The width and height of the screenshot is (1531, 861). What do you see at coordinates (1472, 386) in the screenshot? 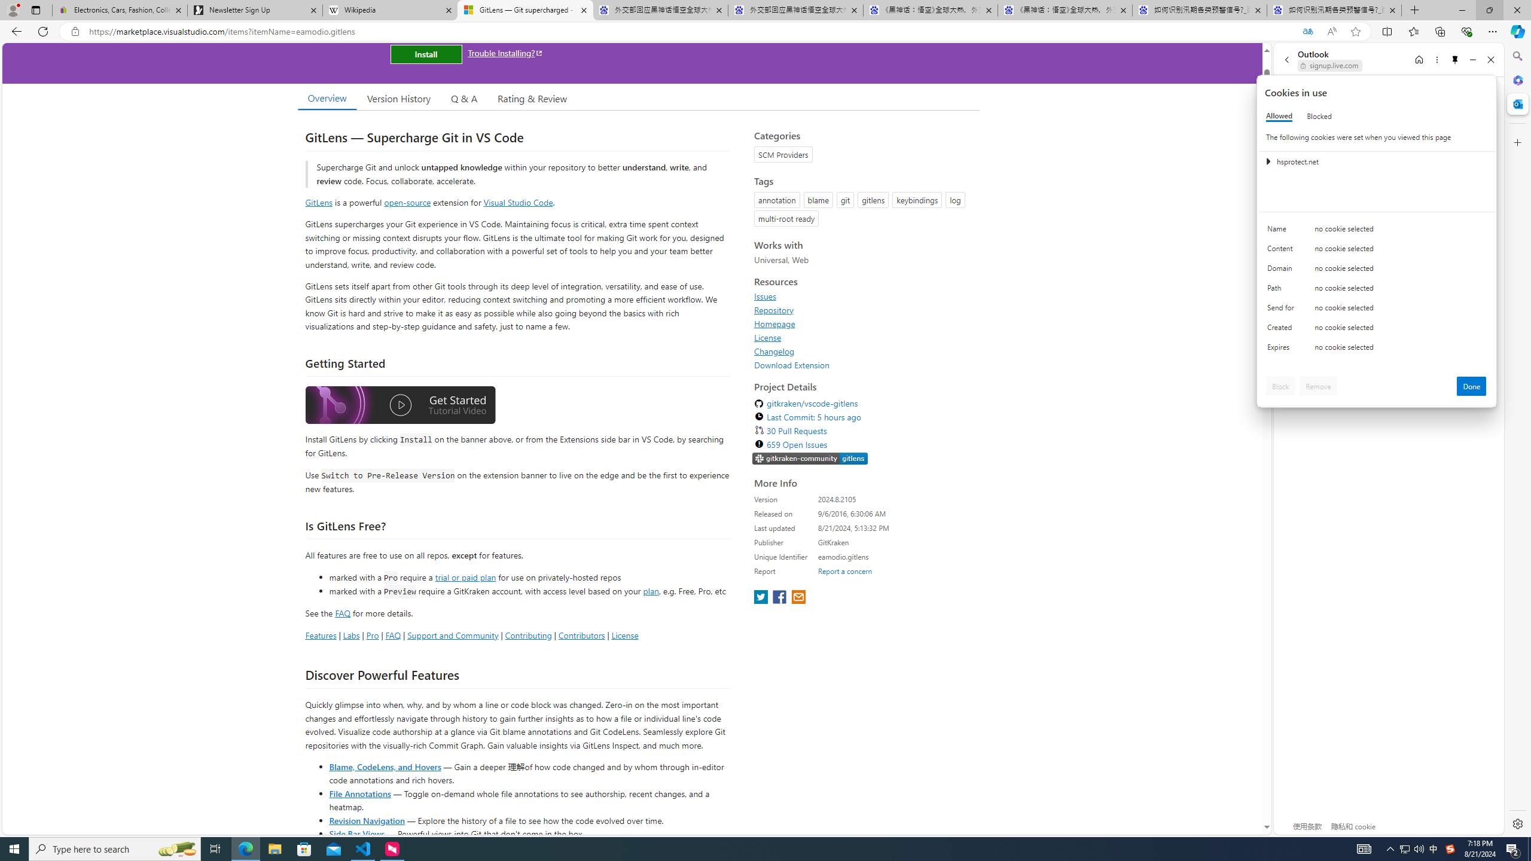
I see `'Done'` at bounding box center [1472, 386].